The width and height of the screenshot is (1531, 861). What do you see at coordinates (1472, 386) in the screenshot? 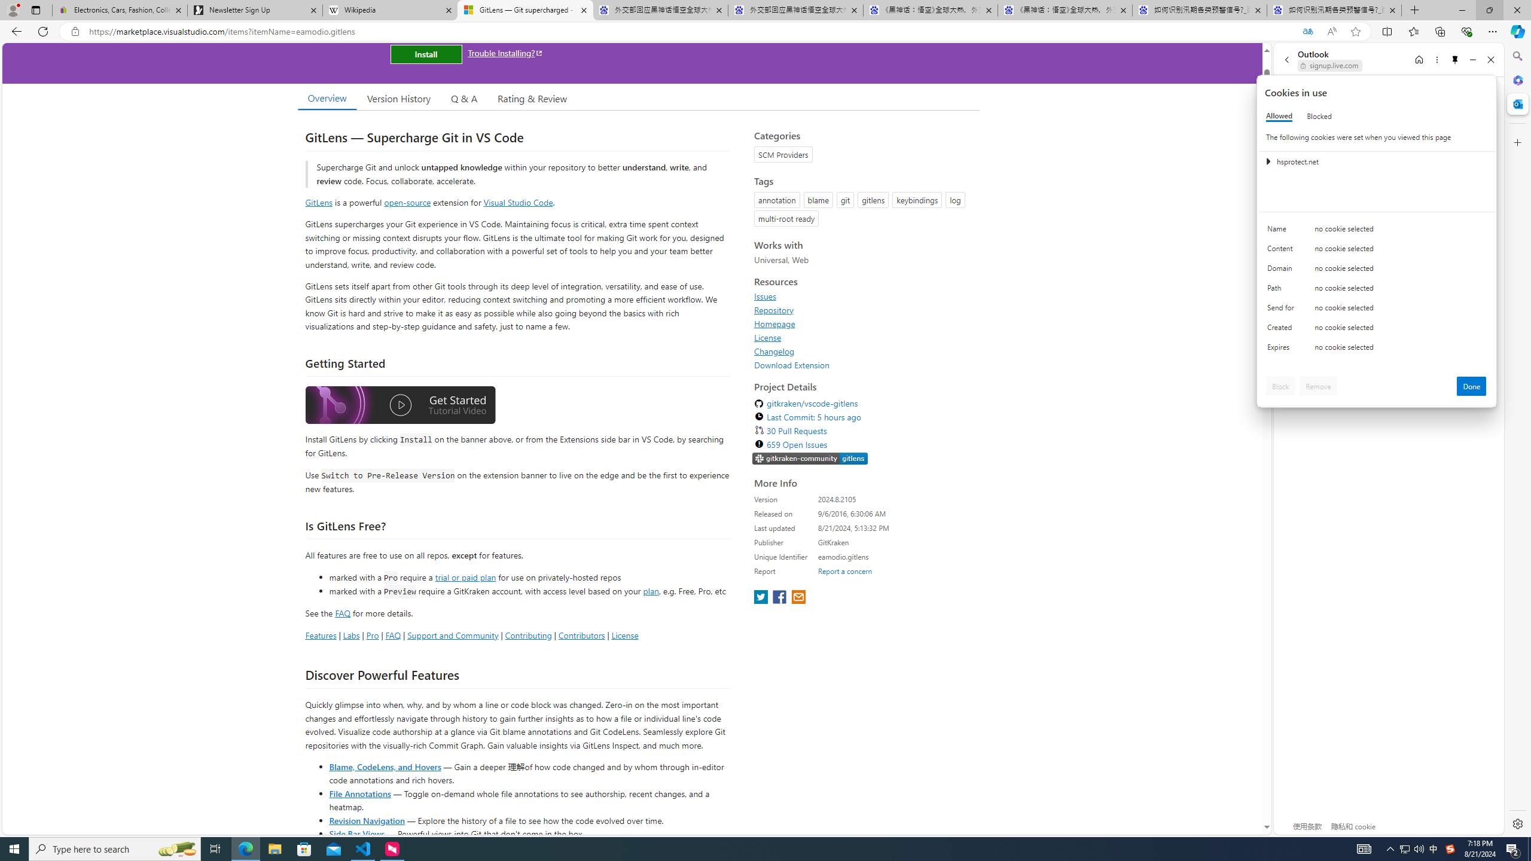
I see `'Done'` at bounding box center [1472, 386].